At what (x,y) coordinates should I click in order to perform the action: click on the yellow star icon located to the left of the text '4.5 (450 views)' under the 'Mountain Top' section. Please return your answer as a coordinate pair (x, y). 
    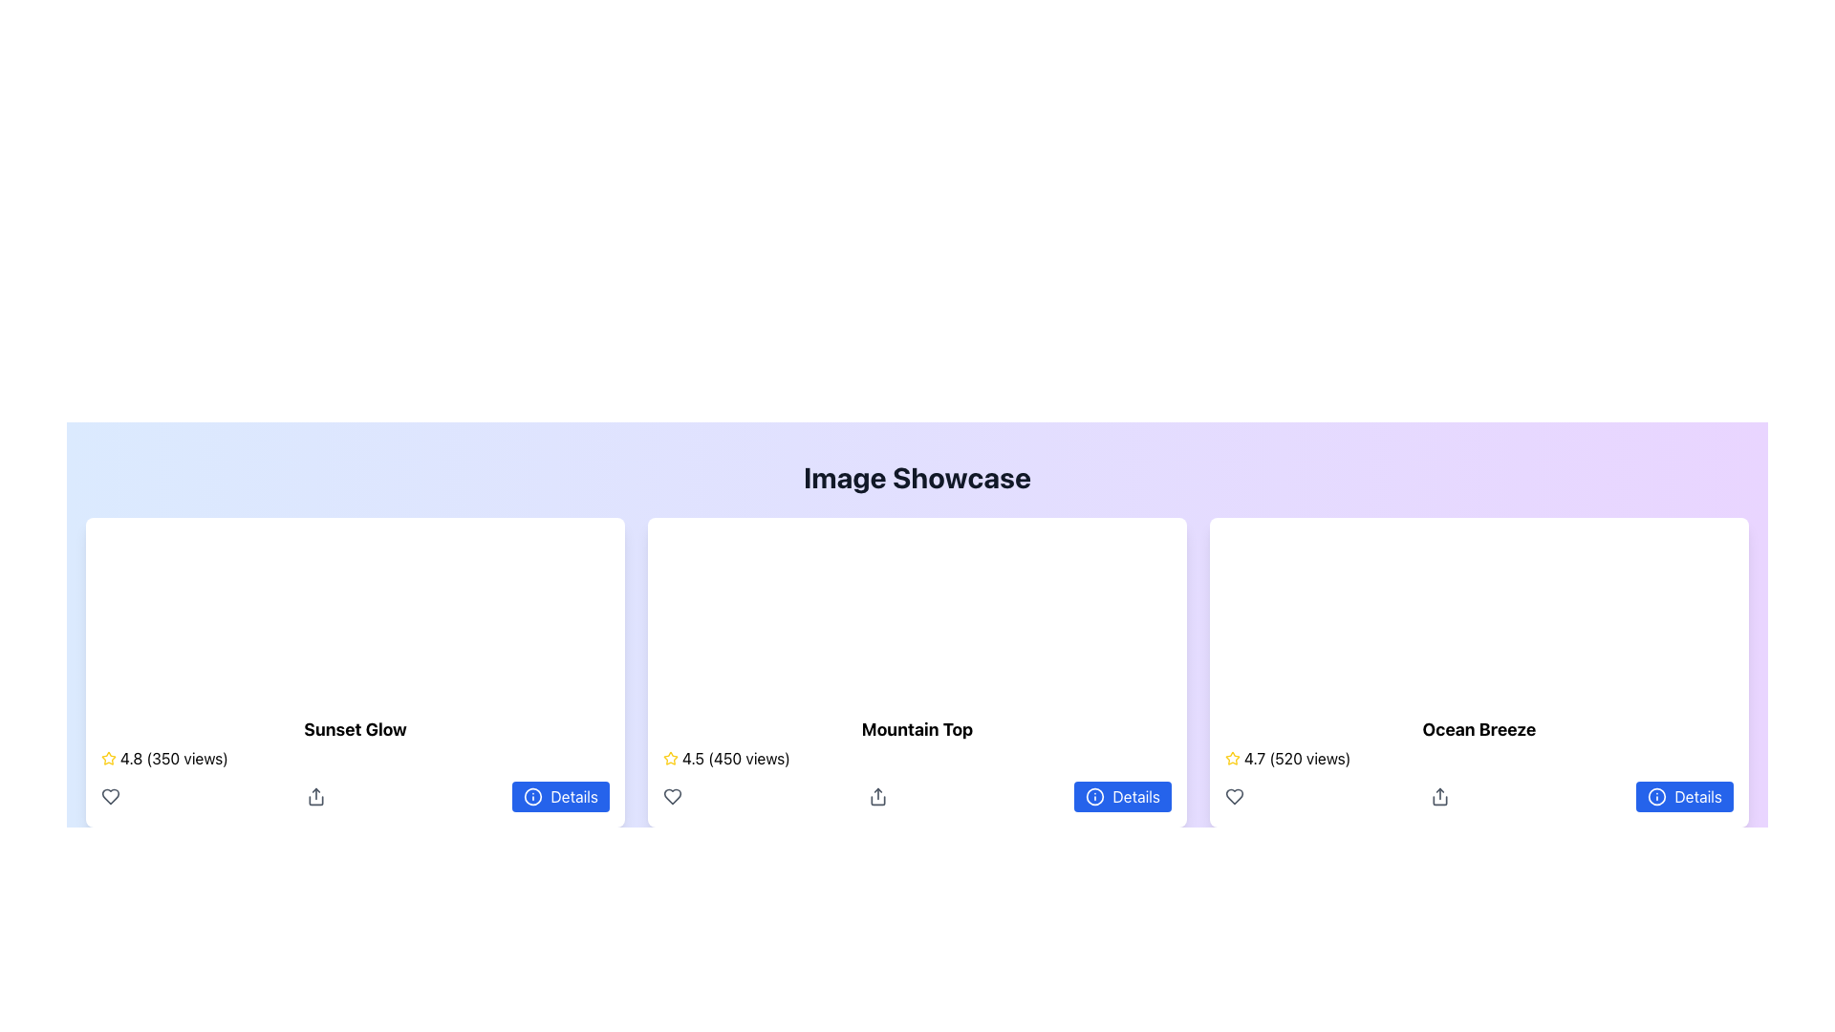
    Looking at the image, I should click on (670, 758).